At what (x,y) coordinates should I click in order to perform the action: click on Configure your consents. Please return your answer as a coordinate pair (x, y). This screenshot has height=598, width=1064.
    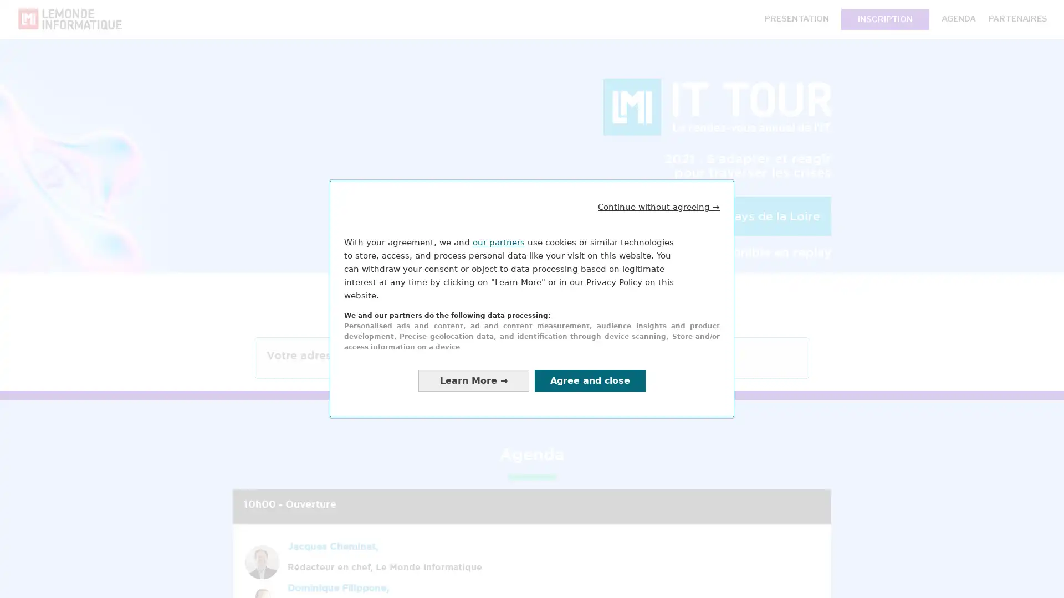
    Looking at the image, I should click on (473, 380).